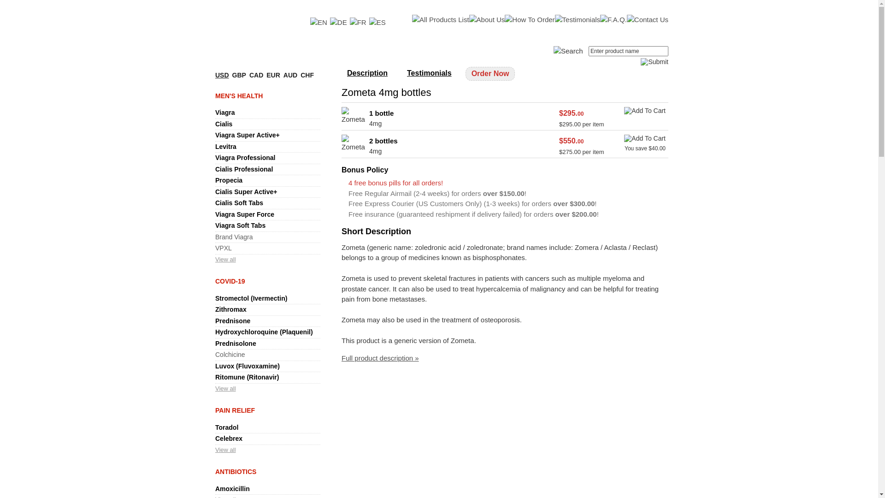  Describe the element at coordinates (225, 146) in the screenshot. I see `'Levitra'` at that location.